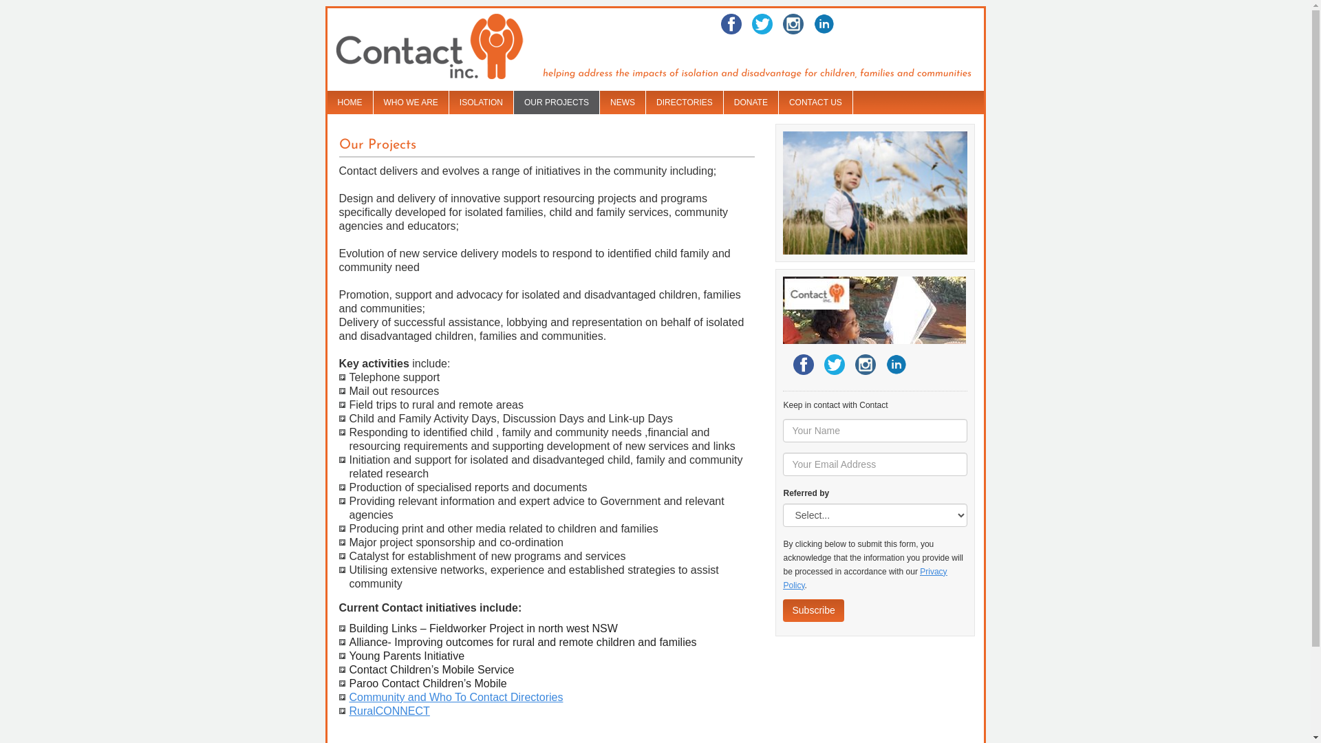  I want to click on 'Subscribe', so click(813, 610).